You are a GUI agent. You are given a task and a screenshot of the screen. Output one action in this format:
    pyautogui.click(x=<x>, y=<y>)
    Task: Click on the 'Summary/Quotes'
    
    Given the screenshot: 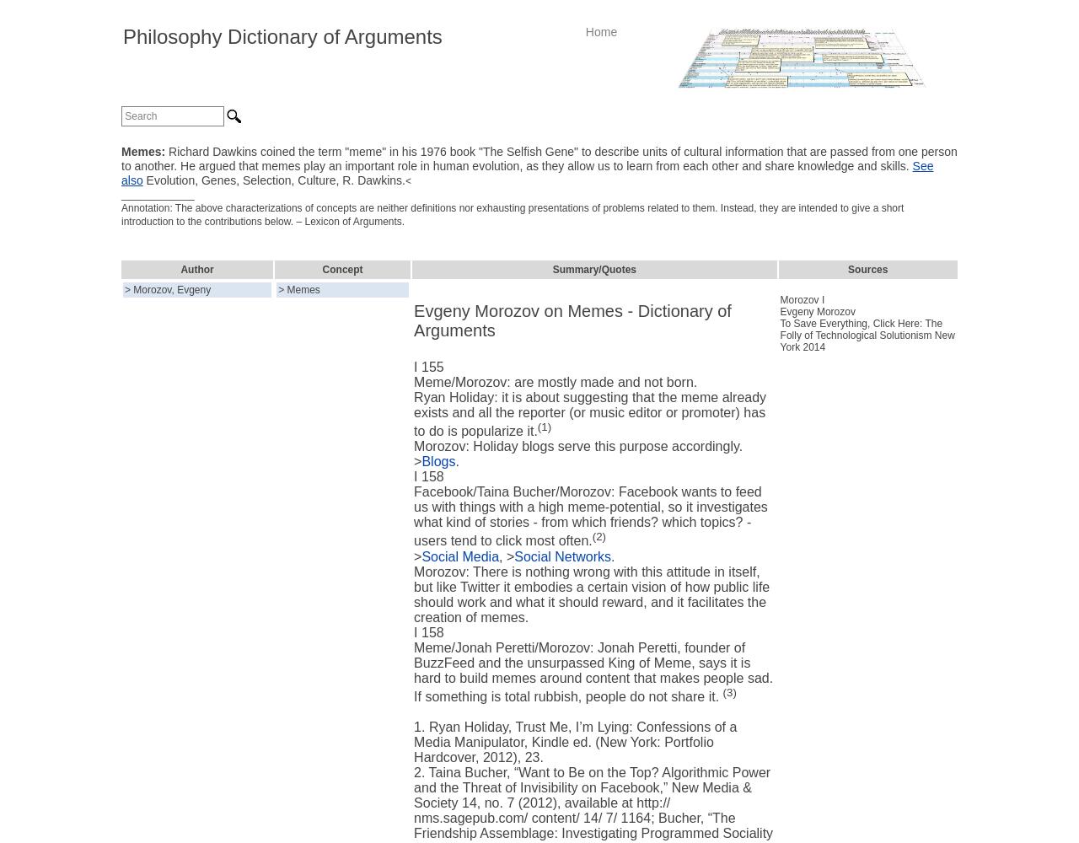 What is the action you would take?
    pyautogui.click(x=551, y=269)
    